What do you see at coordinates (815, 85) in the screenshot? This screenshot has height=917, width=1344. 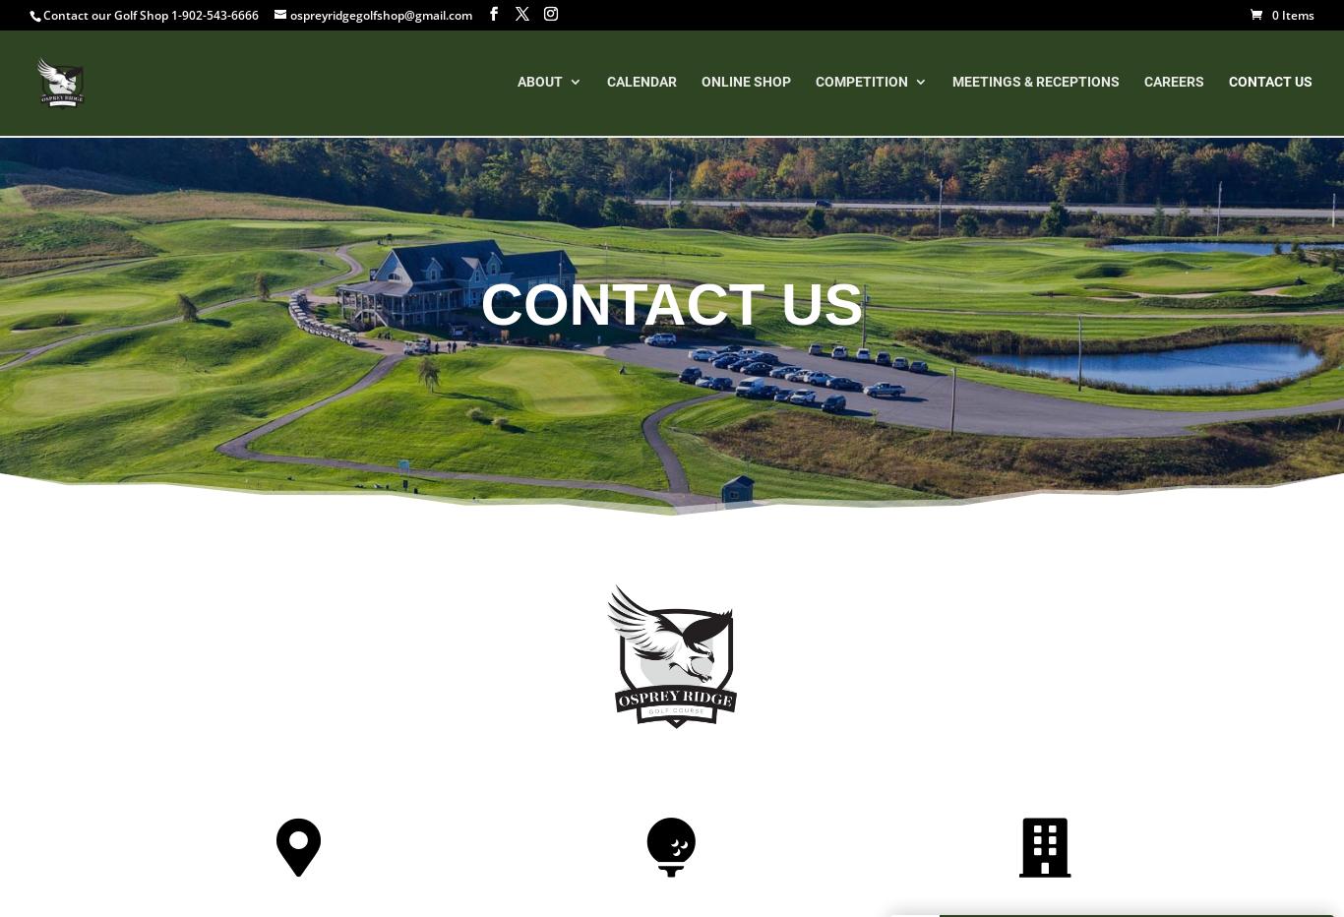 I see `'Competition'` at bounding box center [815, 85].